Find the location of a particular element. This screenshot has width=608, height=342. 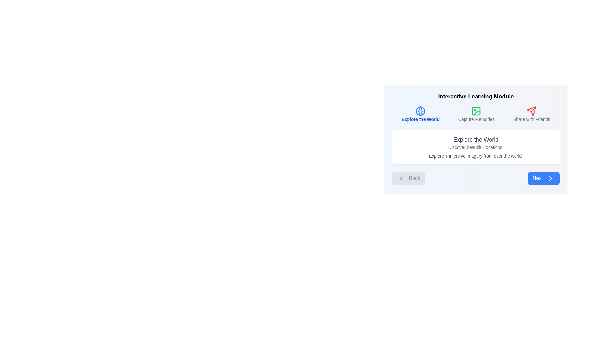

the blue circular SVG graphical element representing the globe icon, located at the top-left of the 'Interactive Learning Module' card, within the 'Explore the World' button group is located at coordinates (421, 111).